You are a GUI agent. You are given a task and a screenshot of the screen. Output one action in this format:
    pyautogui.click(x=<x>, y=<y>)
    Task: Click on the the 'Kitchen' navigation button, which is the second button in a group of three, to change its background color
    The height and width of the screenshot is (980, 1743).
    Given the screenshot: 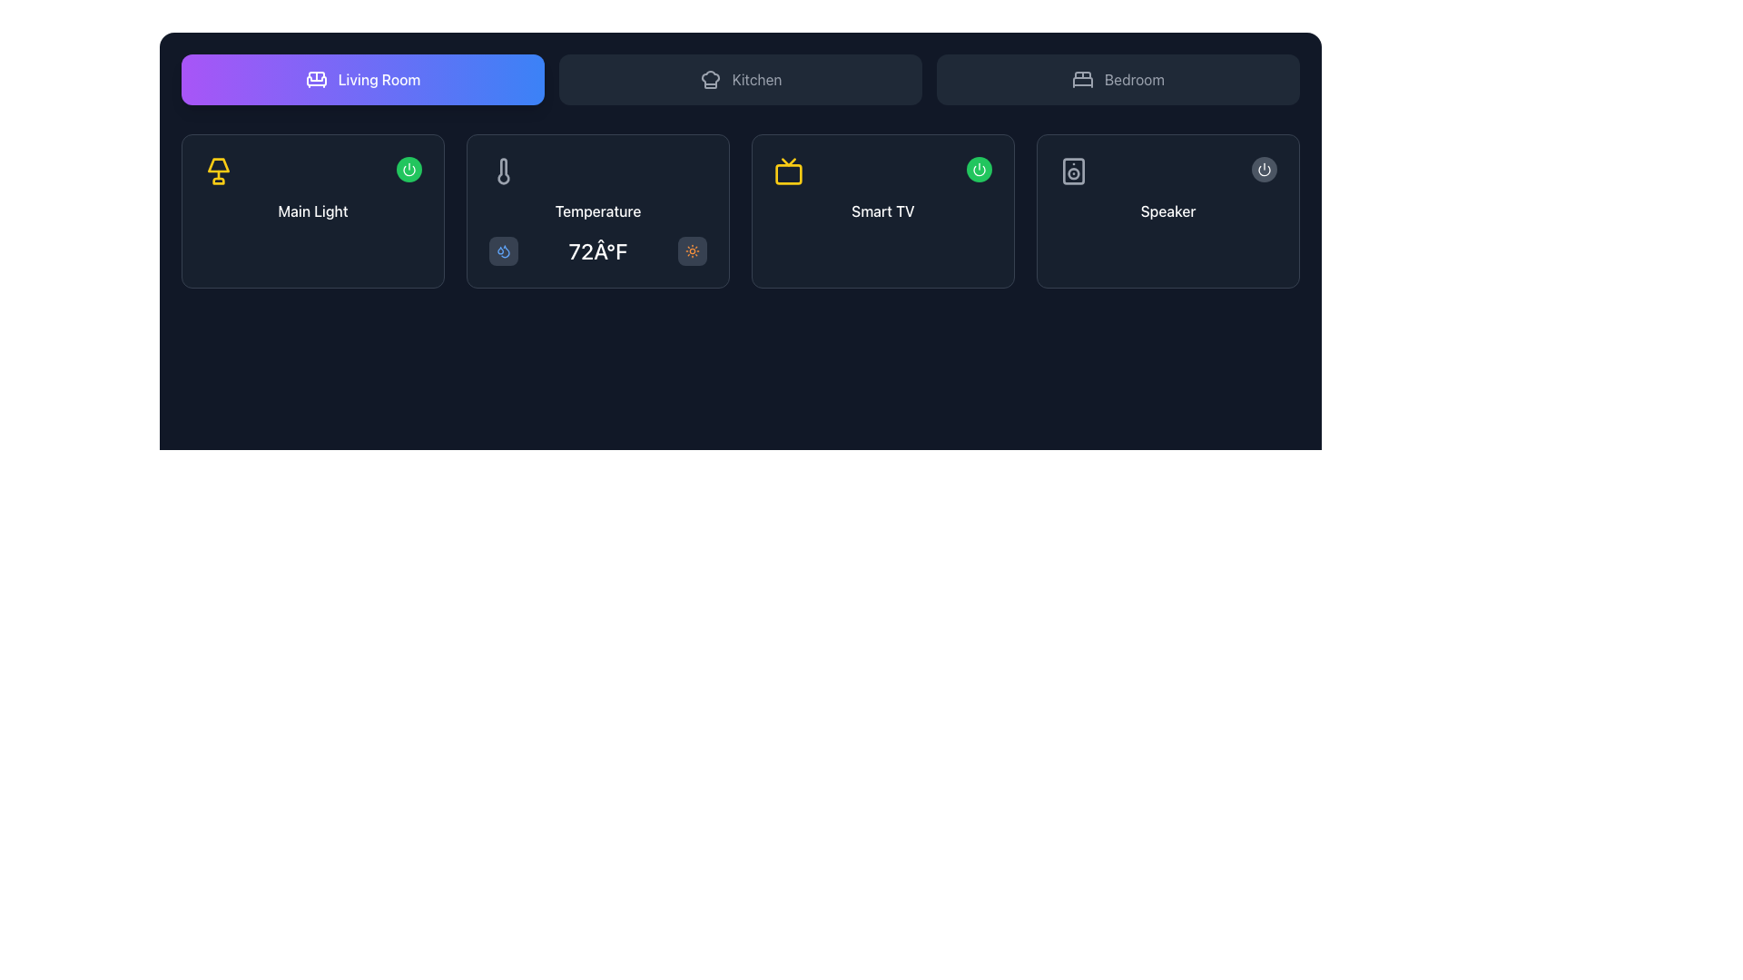 What is the action you would take?
    pyautogui.click(x=741, y=79)
    